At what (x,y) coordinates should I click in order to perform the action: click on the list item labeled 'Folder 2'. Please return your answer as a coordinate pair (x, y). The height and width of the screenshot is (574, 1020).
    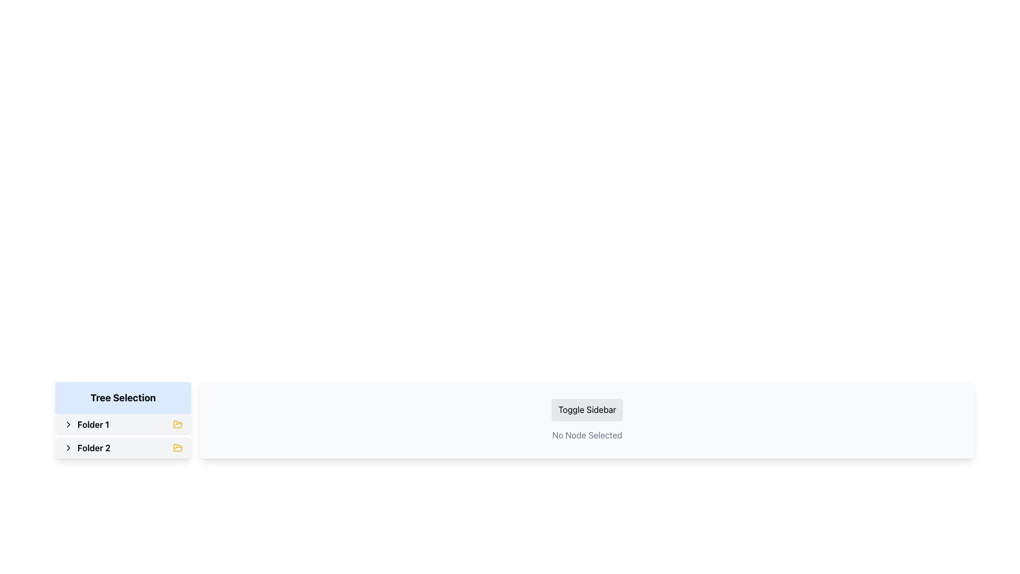
    Looking at the image, I should click on (123, 448).